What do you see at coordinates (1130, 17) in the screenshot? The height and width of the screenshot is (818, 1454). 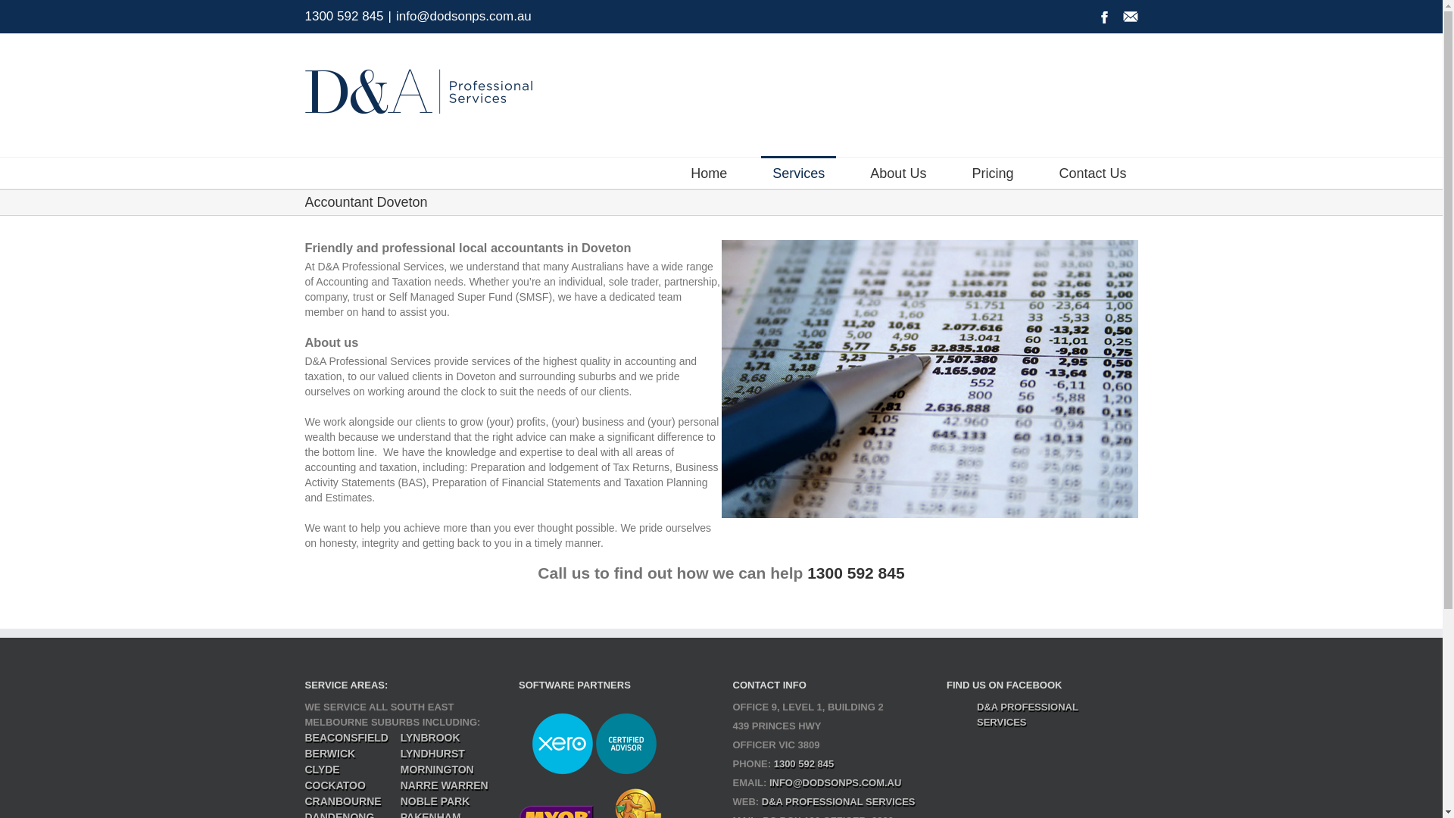 I see `'Email'` at bounding box center [1130, 17].